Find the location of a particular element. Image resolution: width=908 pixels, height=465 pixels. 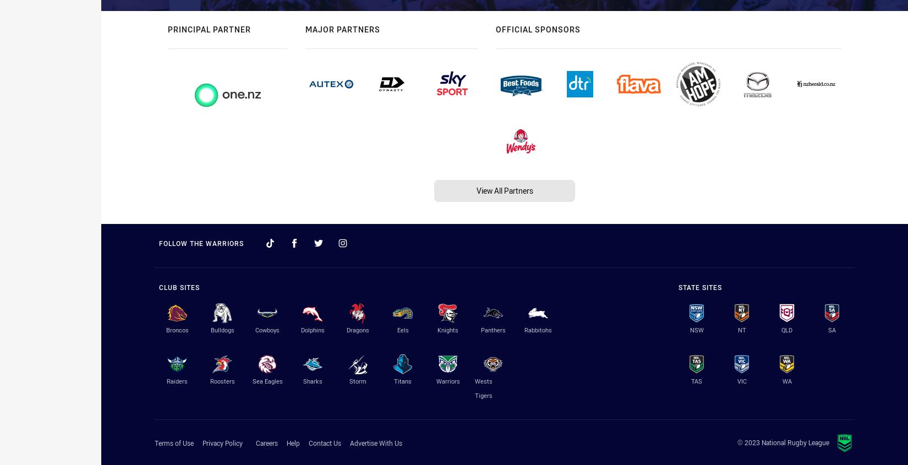

'Cowboys' is located at coordinates (266, 329).